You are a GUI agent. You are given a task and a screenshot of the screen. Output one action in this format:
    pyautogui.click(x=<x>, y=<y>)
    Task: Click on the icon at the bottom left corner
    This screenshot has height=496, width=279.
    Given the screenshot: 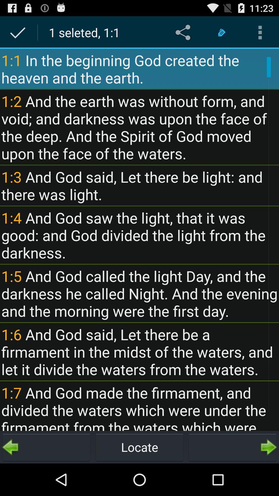 What is the action you would take?
    pyautogui.click(x=47, y=447)
    